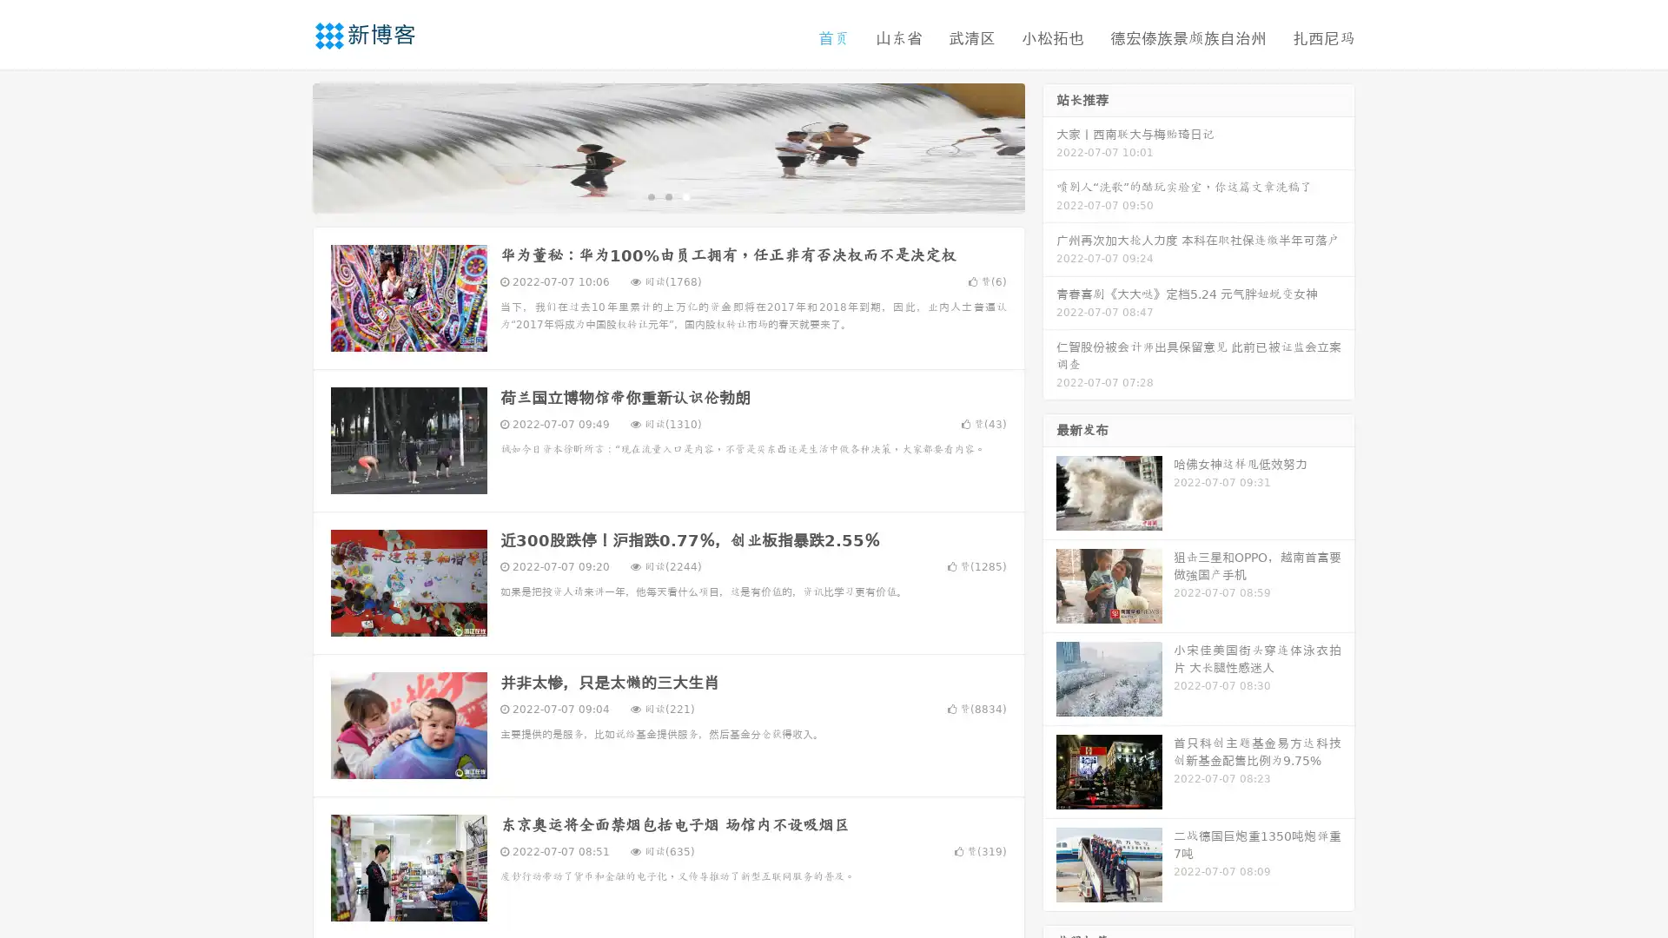  What do you see at coordinates (287, 146) in the screenshot?
I see `Previous slide` at bounding box center [287, 146].